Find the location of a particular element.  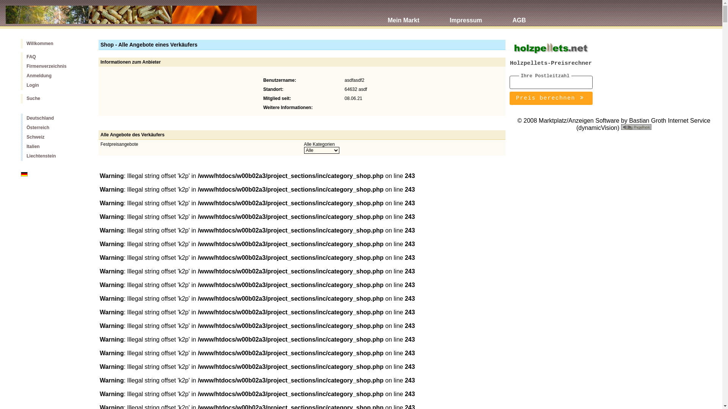

'Italien' is located at coordinates (53, 147).